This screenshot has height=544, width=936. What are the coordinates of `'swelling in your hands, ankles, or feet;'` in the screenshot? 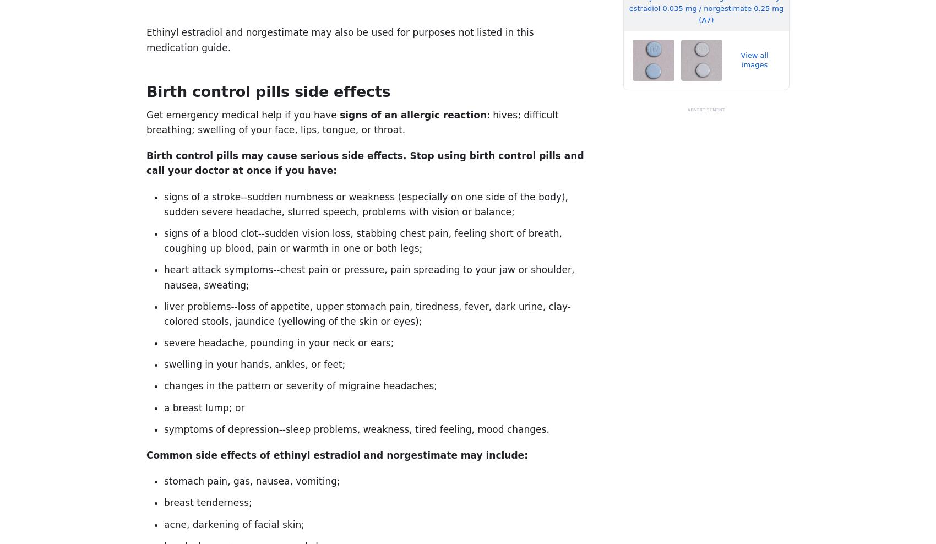 It's located at (254, 363).